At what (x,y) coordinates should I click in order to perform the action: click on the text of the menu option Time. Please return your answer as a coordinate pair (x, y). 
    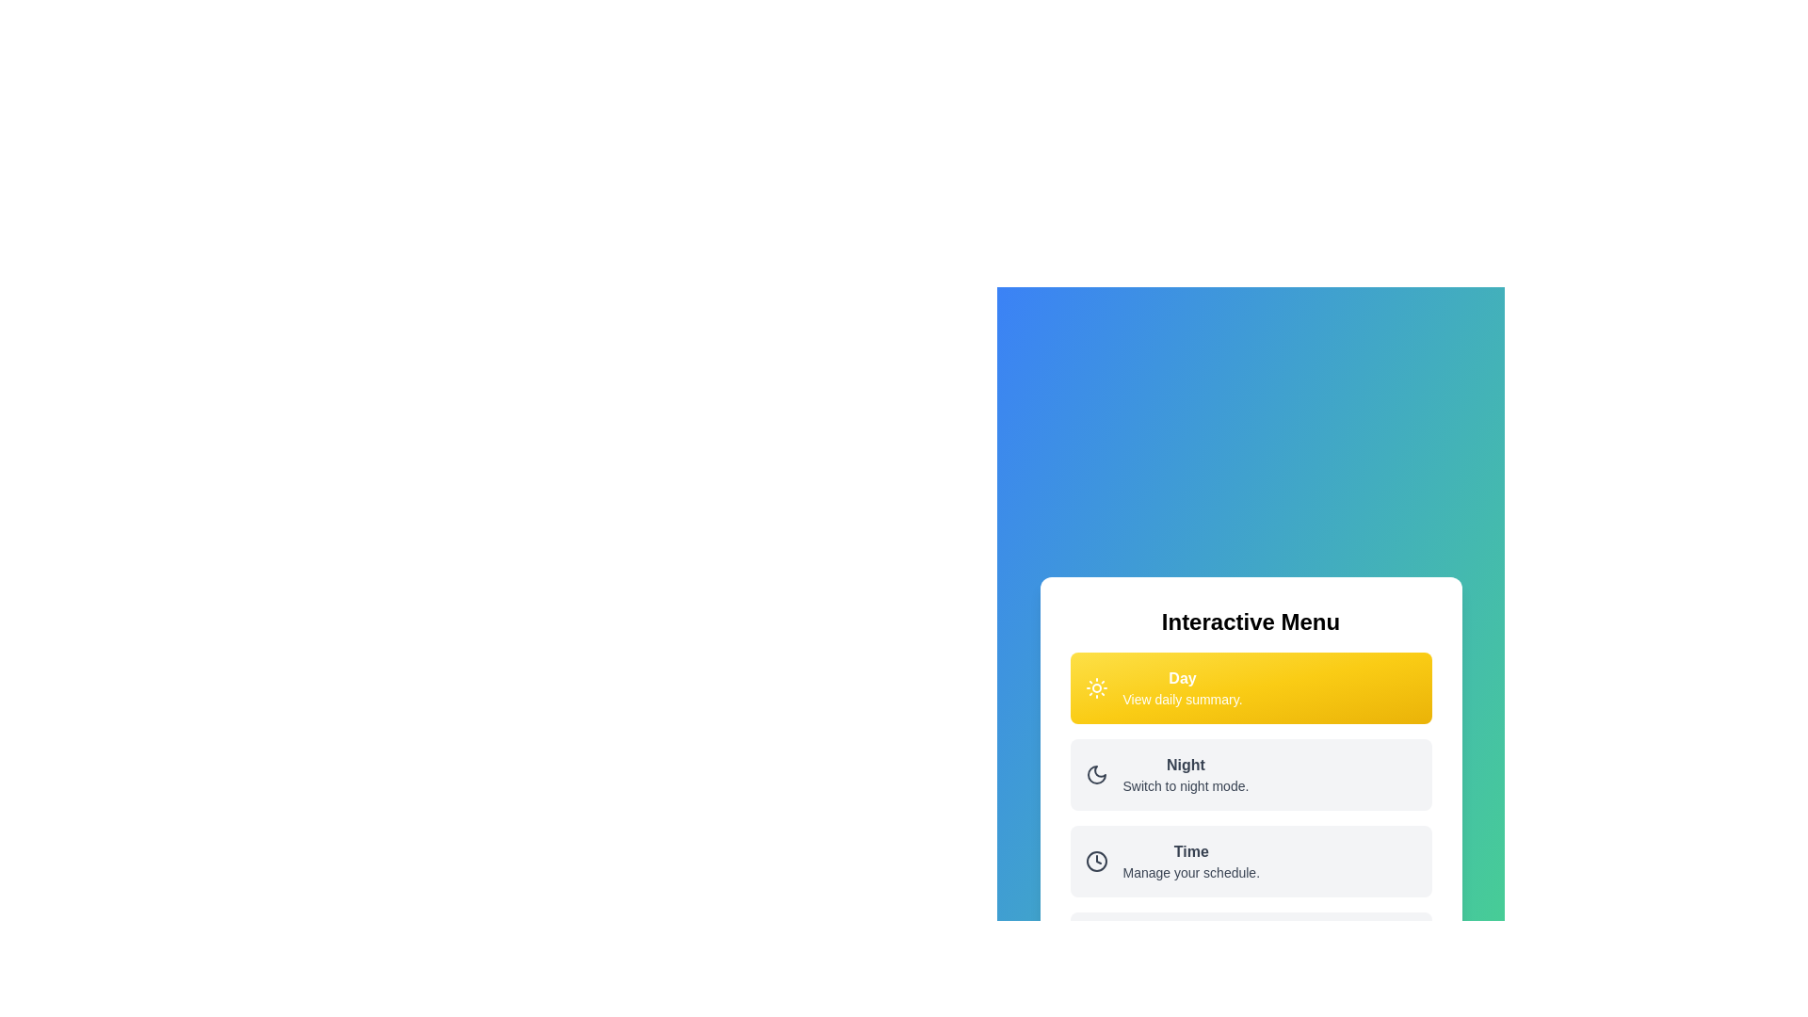
    Looking at the image, I should click on (1190, 861).